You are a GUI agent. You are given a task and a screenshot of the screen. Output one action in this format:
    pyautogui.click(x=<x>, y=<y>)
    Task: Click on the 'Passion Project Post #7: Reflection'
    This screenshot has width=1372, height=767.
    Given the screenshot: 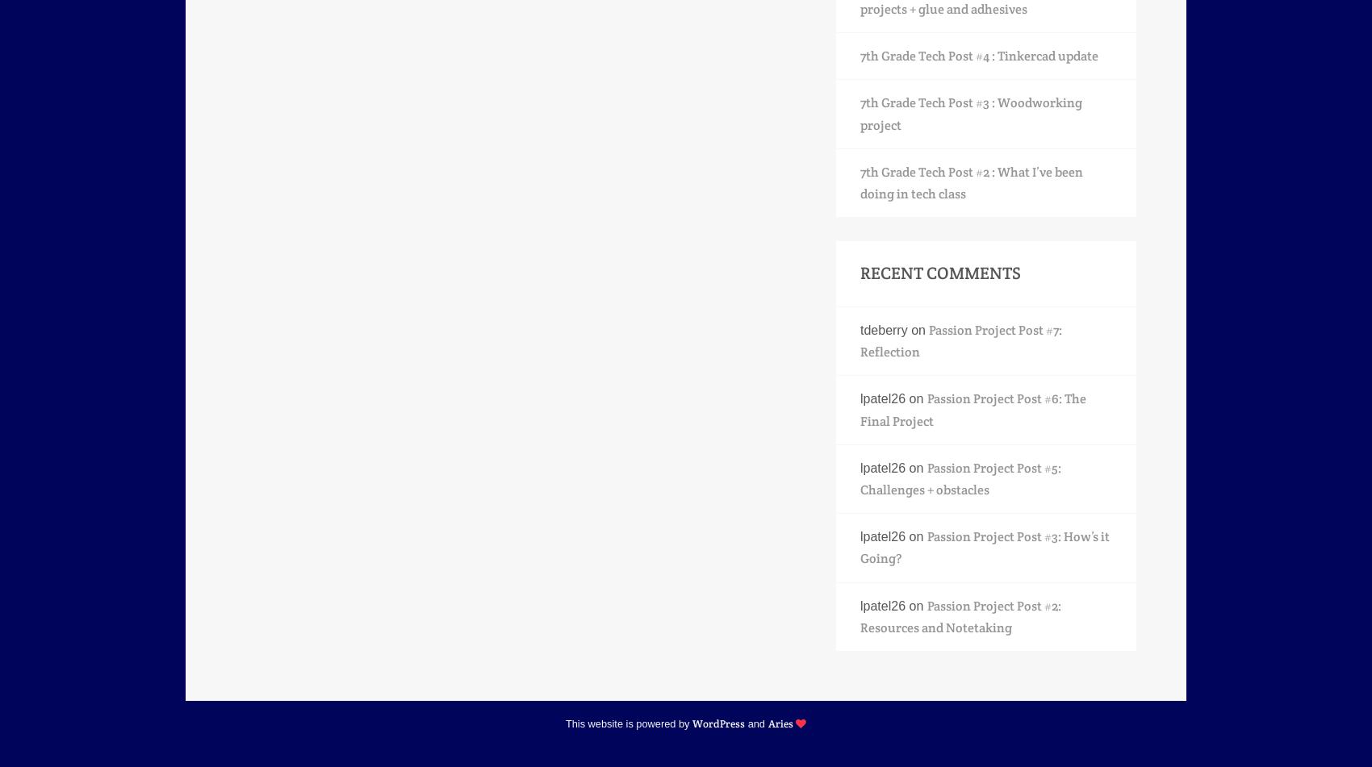 What is the action you would take?
    pyautogui.click(x=960, y=341)
    